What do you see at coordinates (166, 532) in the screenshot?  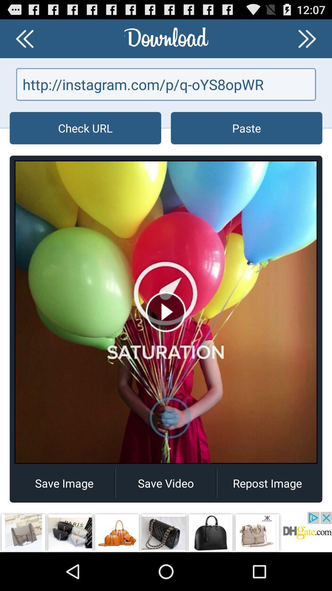 I see `links to advertisement` at bounding box center [166, 532].